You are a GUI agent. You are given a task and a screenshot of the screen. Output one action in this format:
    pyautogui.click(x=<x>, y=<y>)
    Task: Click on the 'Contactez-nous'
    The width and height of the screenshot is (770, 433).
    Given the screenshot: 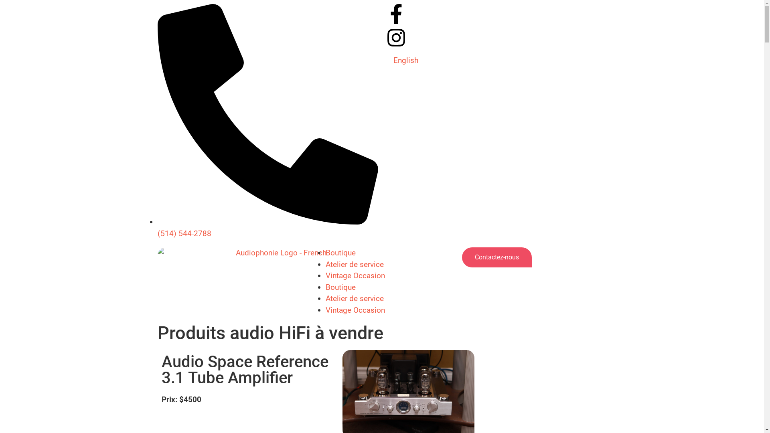 What is the action you would take?
    pyautogui.click(x=462, y=257)
    